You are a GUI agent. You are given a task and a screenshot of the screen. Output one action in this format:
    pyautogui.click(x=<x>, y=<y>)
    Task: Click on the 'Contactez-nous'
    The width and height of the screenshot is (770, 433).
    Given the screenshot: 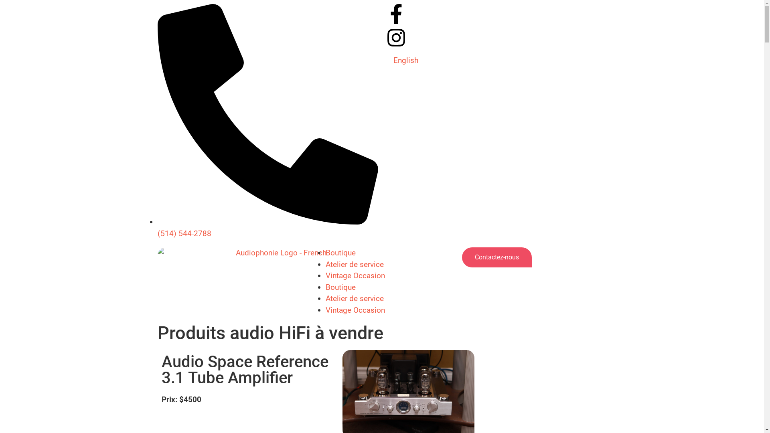 What is the action you would take?
    pyautogui.click(x=462, y=257)
    